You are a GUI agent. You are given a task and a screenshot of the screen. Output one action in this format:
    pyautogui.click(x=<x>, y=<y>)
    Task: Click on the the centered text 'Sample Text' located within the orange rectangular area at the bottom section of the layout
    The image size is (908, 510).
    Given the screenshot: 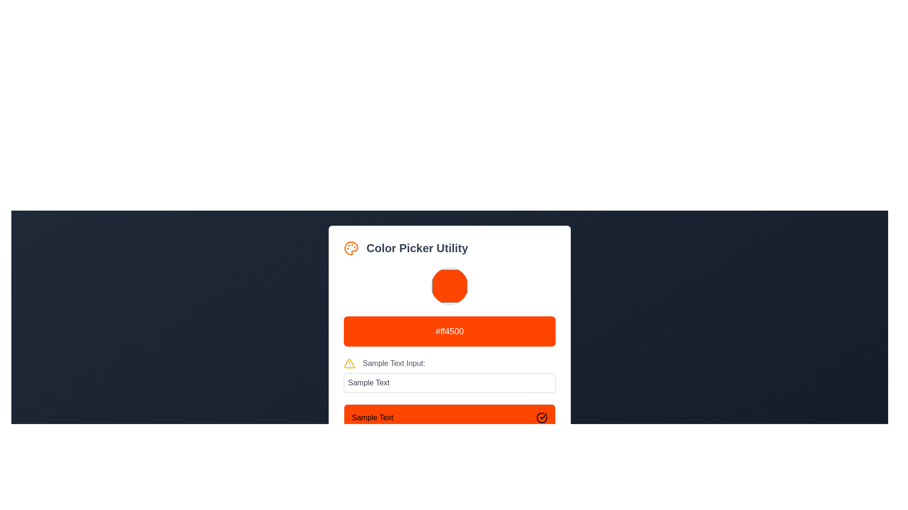 What is the action you would take?
    pyautogui.click(x=372, y=417)
    